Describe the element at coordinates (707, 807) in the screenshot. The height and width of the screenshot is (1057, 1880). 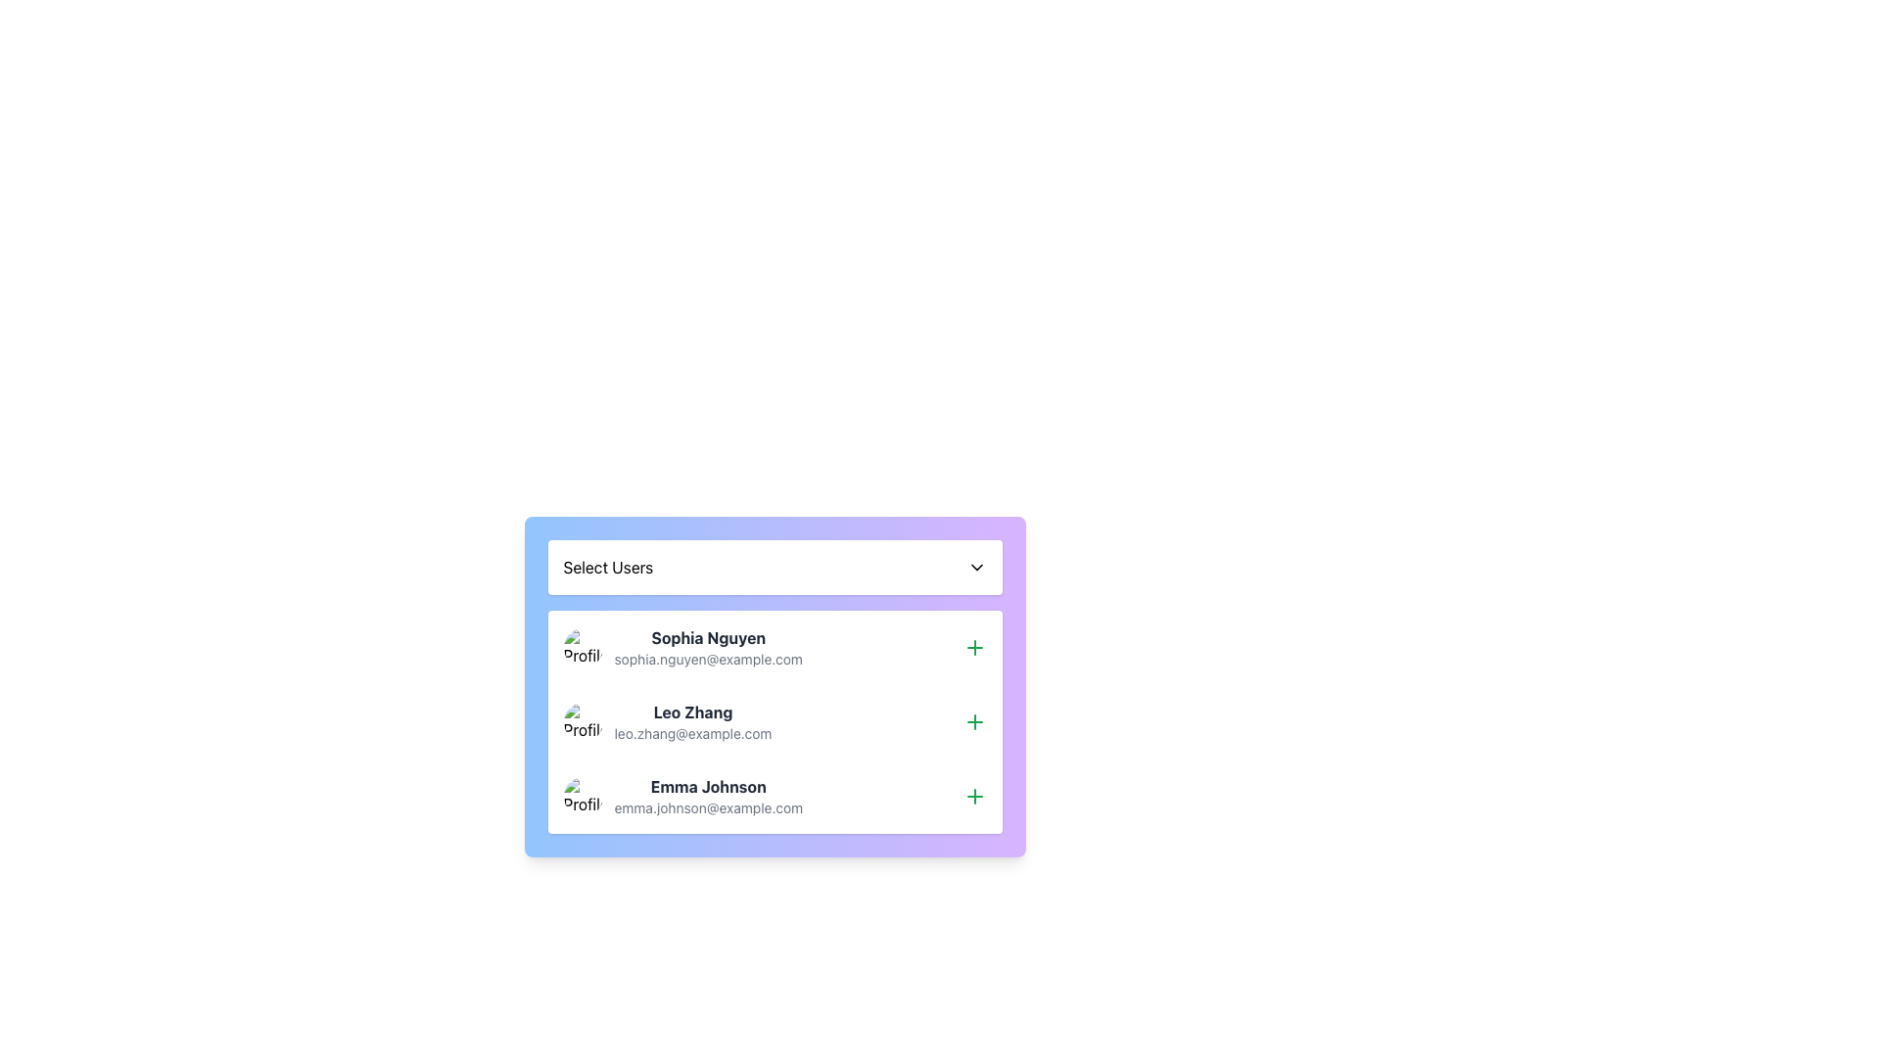
I see `the email address text 'emma.johnson@example.com', which is styled in a smaller, light gray font and located below the name 'Emma Johnson' within a user block` at that location.